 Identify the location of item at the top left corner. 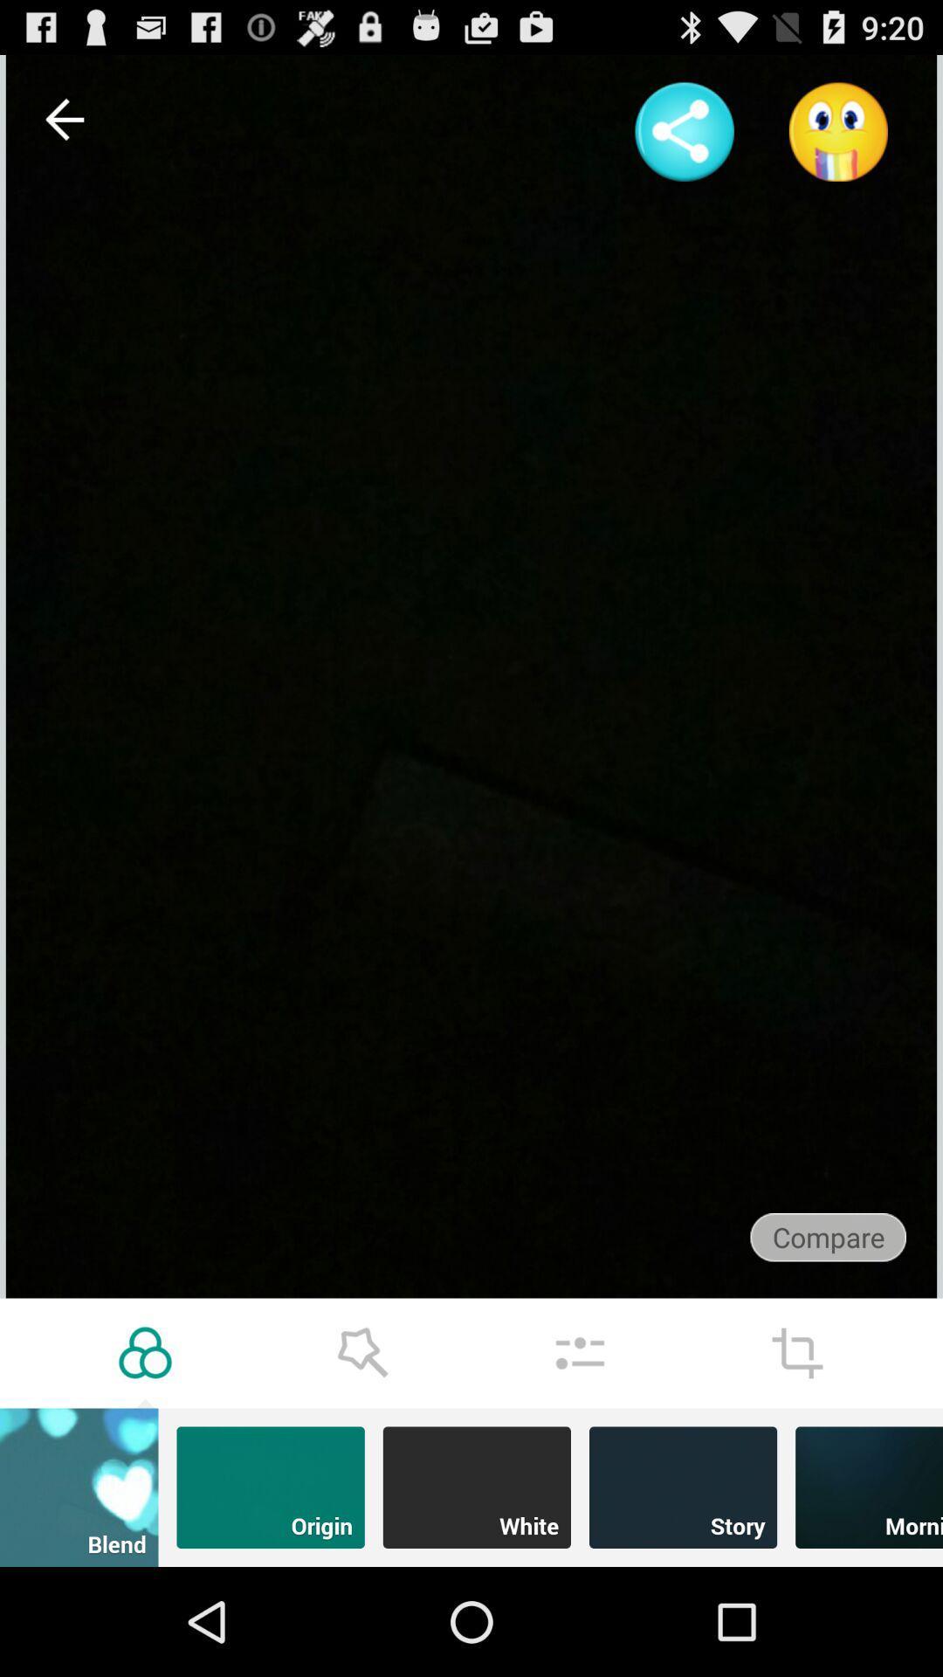
(63, 118).